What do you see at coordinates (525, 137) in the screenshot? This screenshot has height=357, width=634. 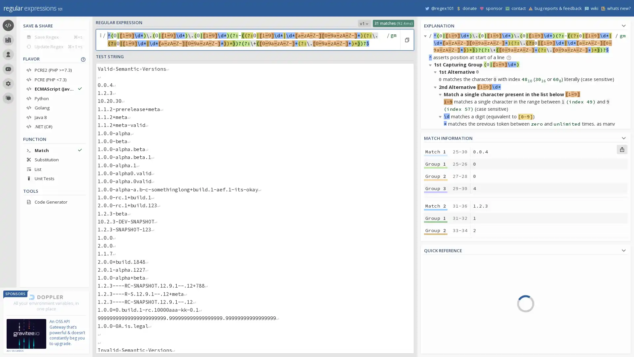 I see `MATCH INFORMATION` at bounding box center [525, 137].